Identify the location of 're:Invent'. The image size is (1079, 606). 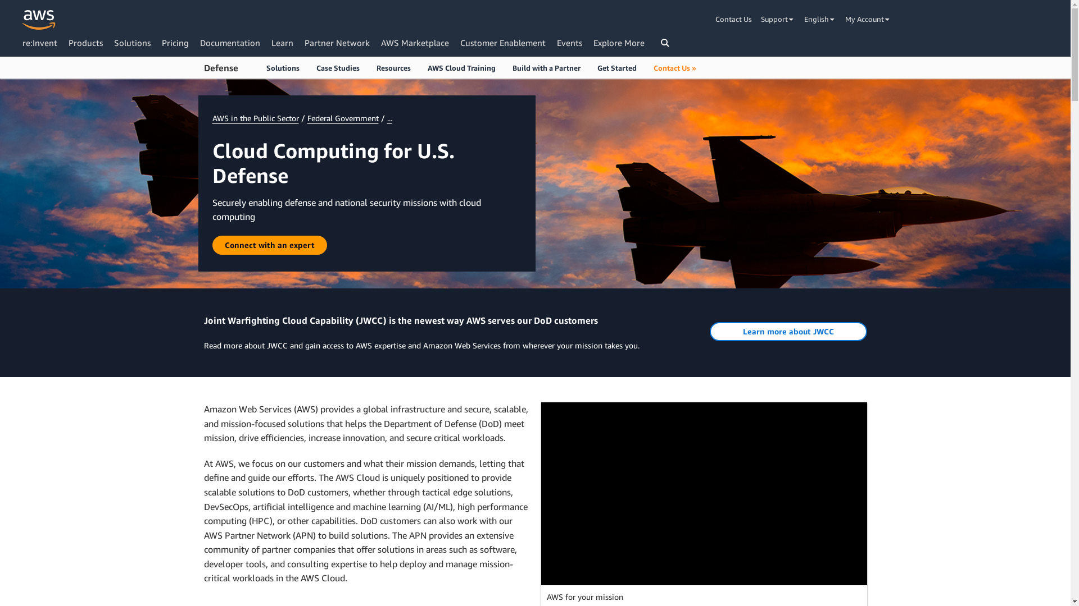
(40, 42).